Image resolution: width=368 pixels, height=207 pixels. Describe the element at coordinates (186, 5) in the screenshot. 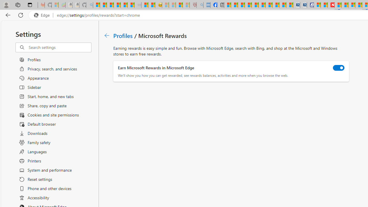

I see `'12 Popular Science Lies that Must be Corrected - Sleeping'` at that location.